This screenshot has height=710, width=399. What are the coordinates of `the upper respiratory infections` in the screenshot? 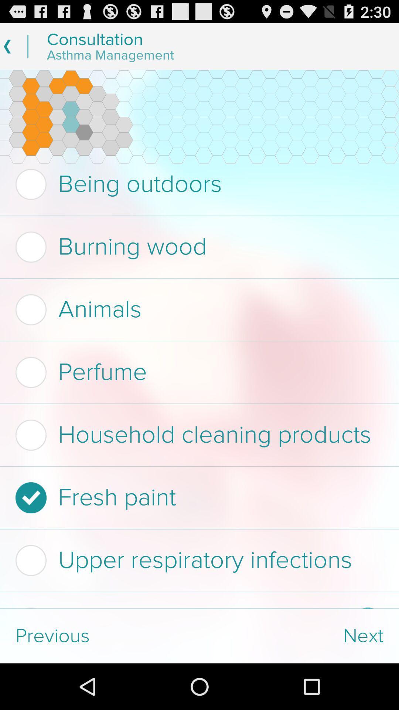 It's located at (197, 560).